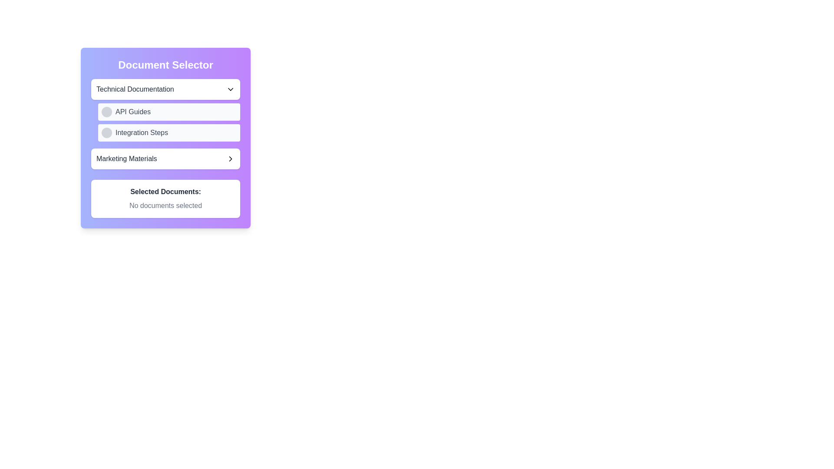 The width and height of the screenshot is (834, 469). What do you see at coordinates (142, 132) in the screenshot?
I see `the text label displaying 'Integration Steps' located in the second item under the 'Technical Documentation' category in the 'Document Selector' interface` at bounding box center [142, 132].